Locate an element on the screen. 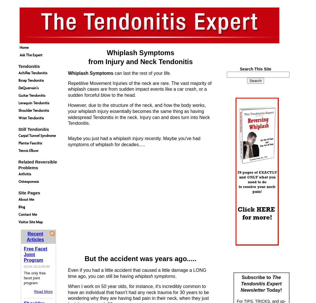 The height and width of the screenshot is (303, 316). 'Oct 03, 23 12:35 AM' is located at coordinates (36, 265).